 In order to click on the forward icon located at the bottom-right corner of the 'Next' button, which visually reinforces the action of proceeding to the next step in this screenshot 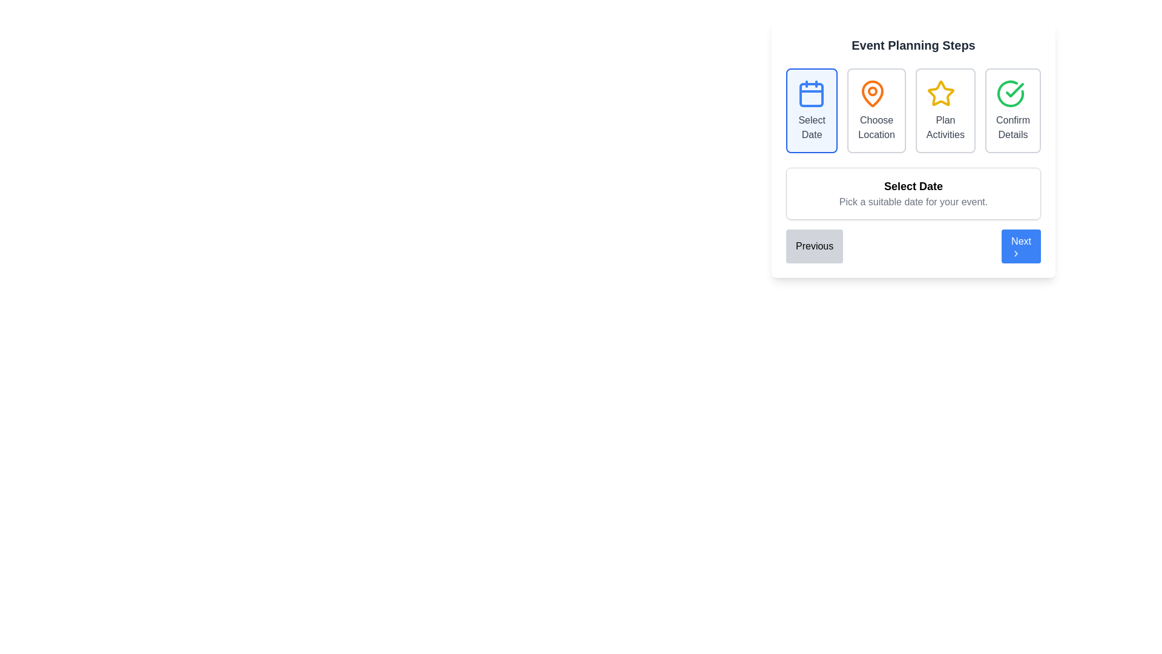, I will do `click(1016, 253)`.